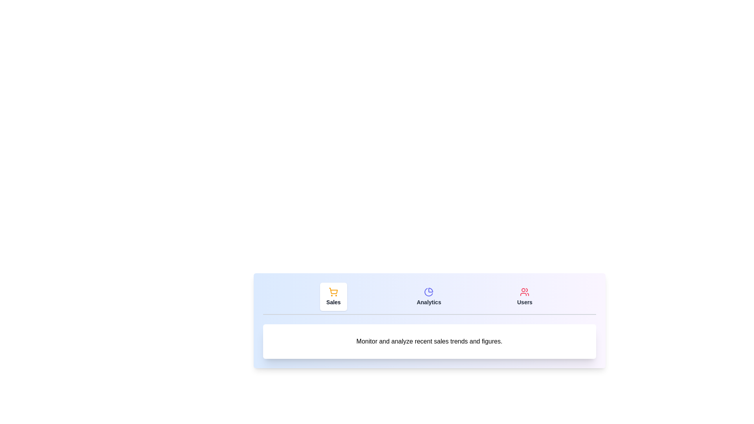 The height and width of the screenshot is (424, 754). Describe the element at coordinates (428, 297) in the screenshot. I see `the tab labeled Analytics to observe the hover effect` at that location.